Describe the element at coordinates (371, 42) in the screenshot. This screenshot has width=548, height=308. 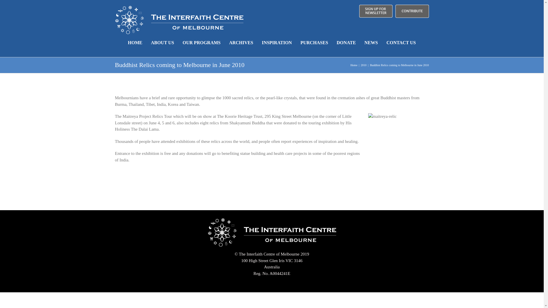
I see `'NEWS'` at that location.